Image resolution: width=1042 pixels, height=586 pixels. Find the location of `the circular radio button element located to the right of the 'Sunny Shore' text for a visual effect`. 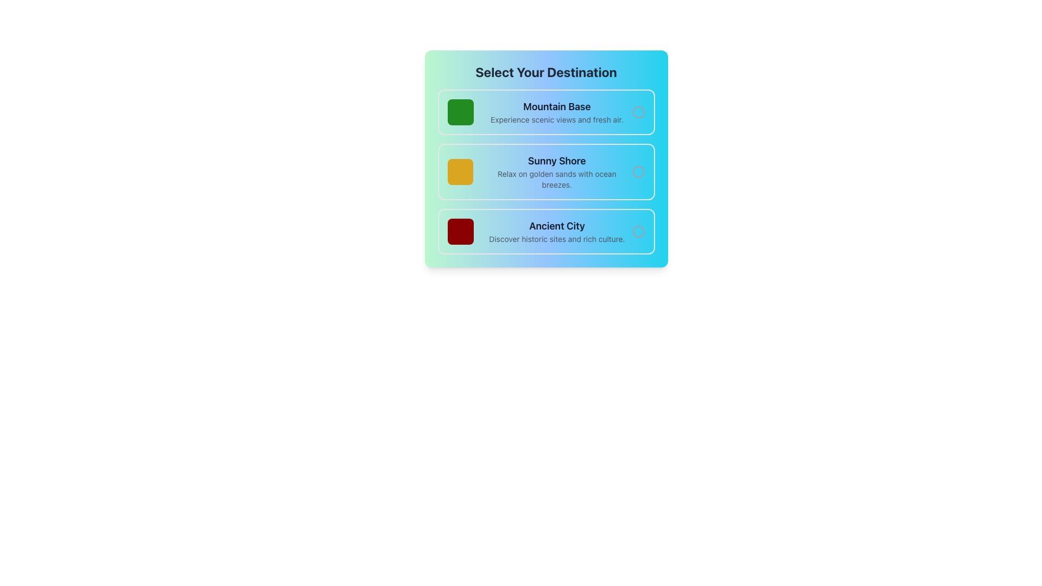

the circular radio button element located to the right of the 'Sunny Shore' text for a visual effect is located at coordinates (638, 171).